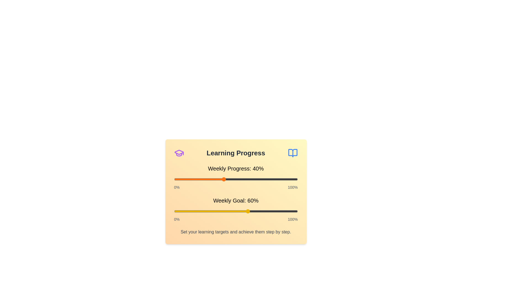  I want to click on the 'Weekly Goal' slider to 22%, so click(201, 211).